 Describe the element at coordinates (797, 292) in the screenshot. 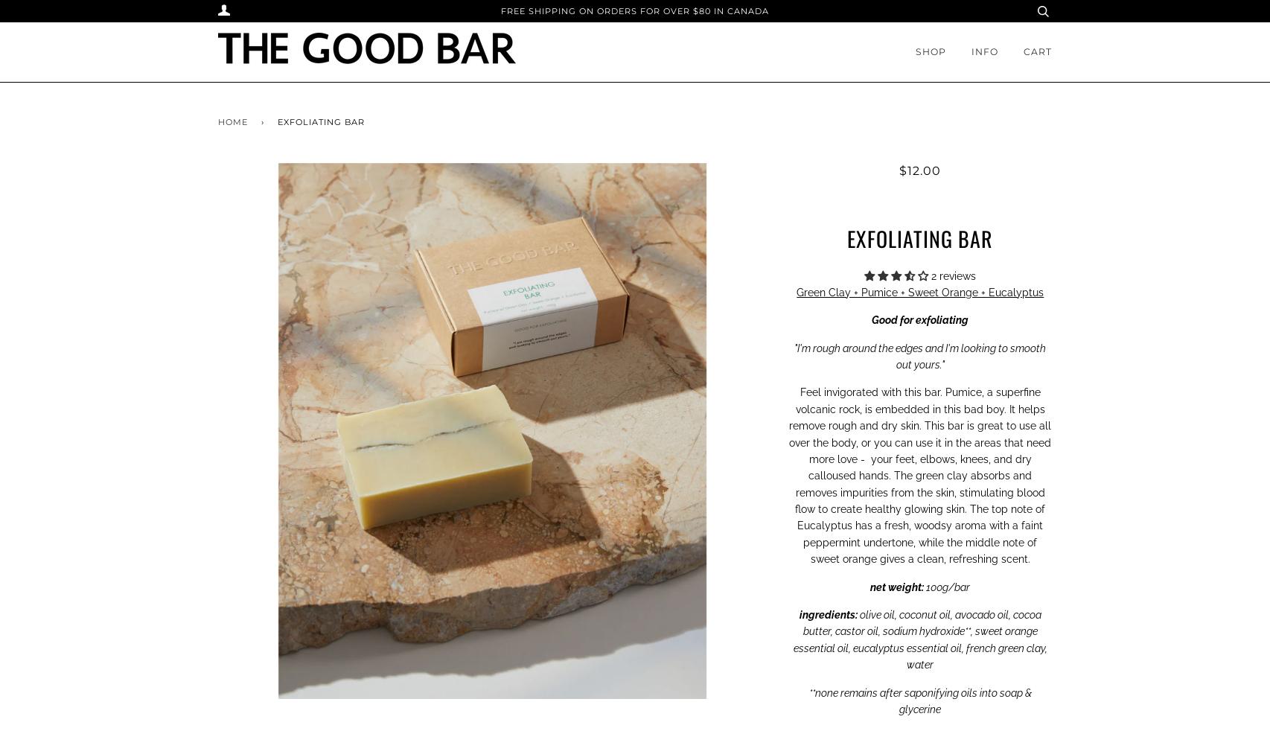

I see `'Green Clay + Pumice + Sweet Orange + Eucalyptus'` at that location.